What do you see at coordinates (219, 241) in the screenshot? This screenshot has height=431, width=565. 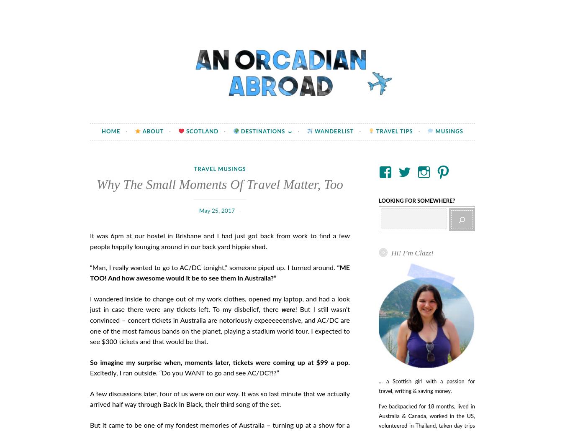 I see `'It was 6pm at our hostel in Brisbane and I had just got back from work to find a few people happily lounging around in our back yard hippie shed.'` at bounding box center [219, 241].